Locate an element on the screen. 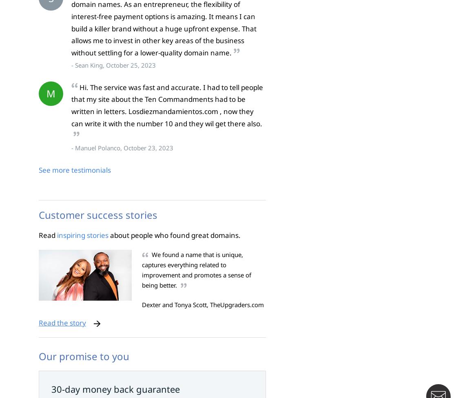 This screenshot has width=469, height=398. 'See more testimonials' is located at coordinates (38, 170).